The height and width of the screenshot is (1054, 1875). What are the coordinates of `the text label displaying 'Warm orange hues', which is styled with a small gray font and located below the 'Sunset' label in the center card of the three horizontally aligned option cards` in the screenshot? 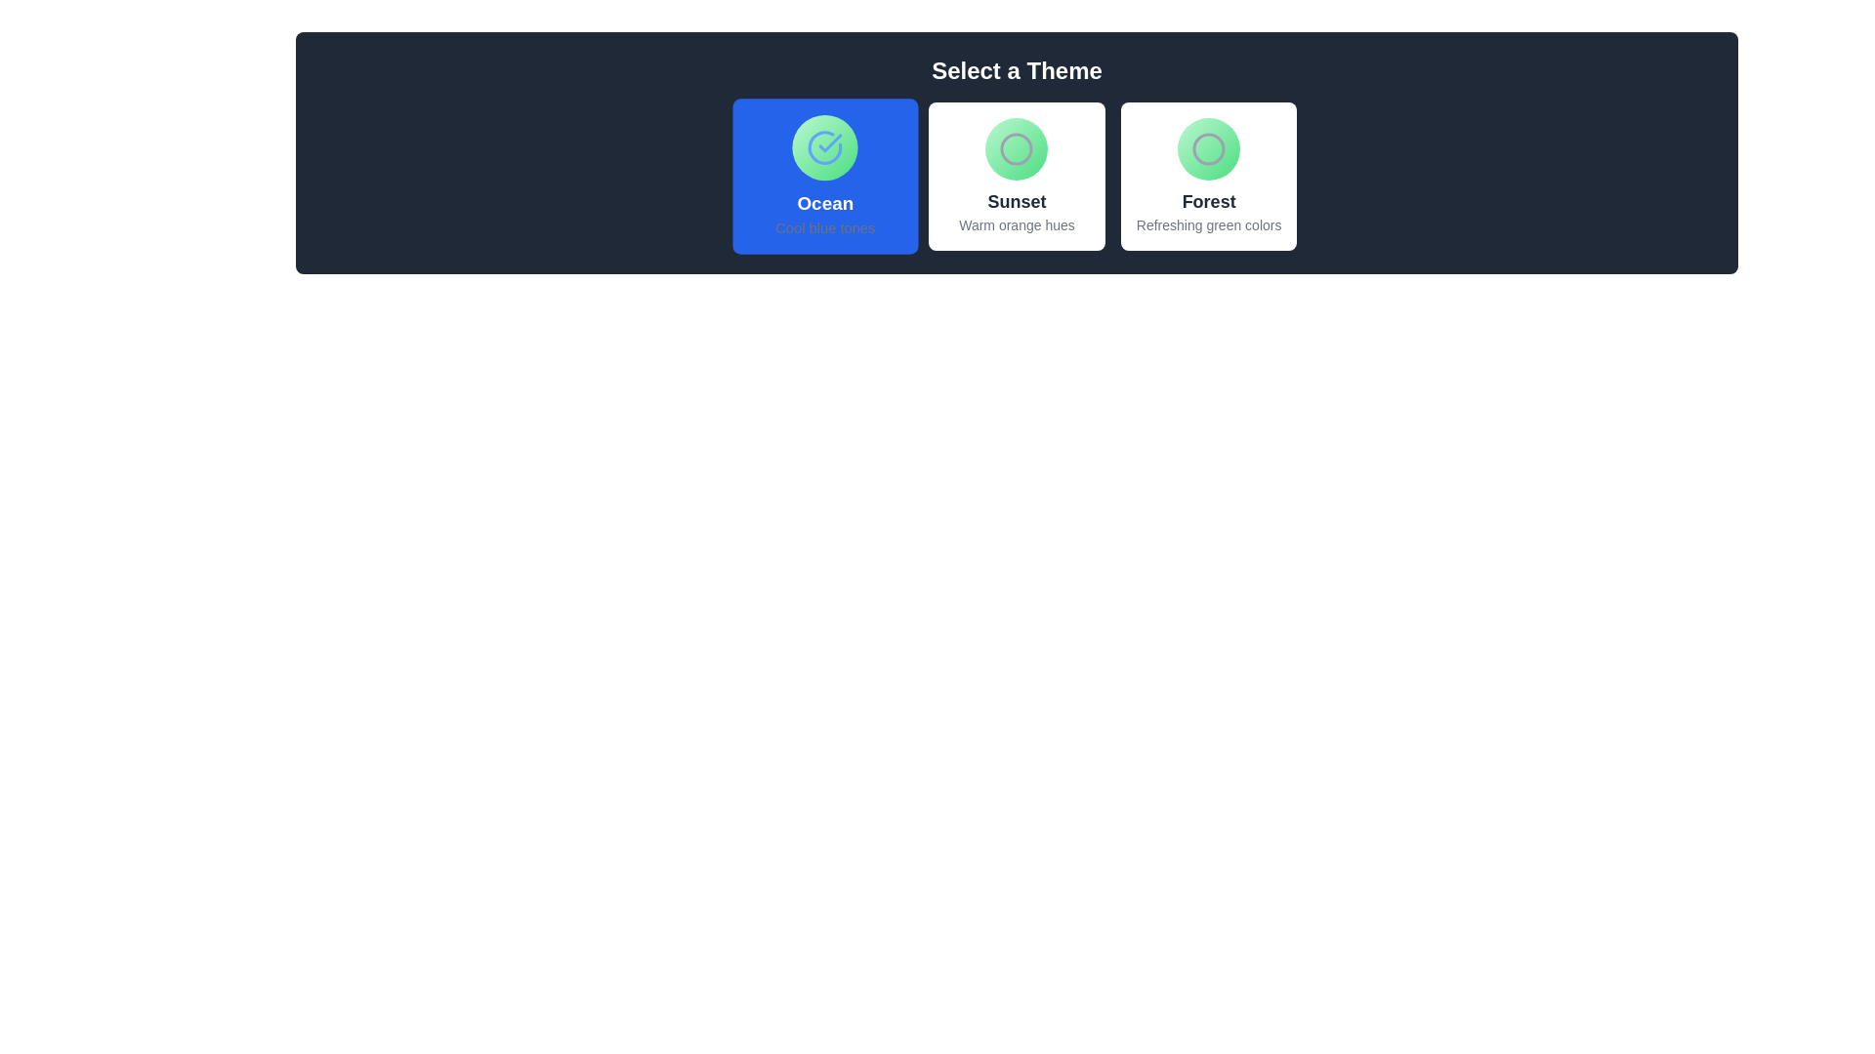 It's located at (1016, 224).